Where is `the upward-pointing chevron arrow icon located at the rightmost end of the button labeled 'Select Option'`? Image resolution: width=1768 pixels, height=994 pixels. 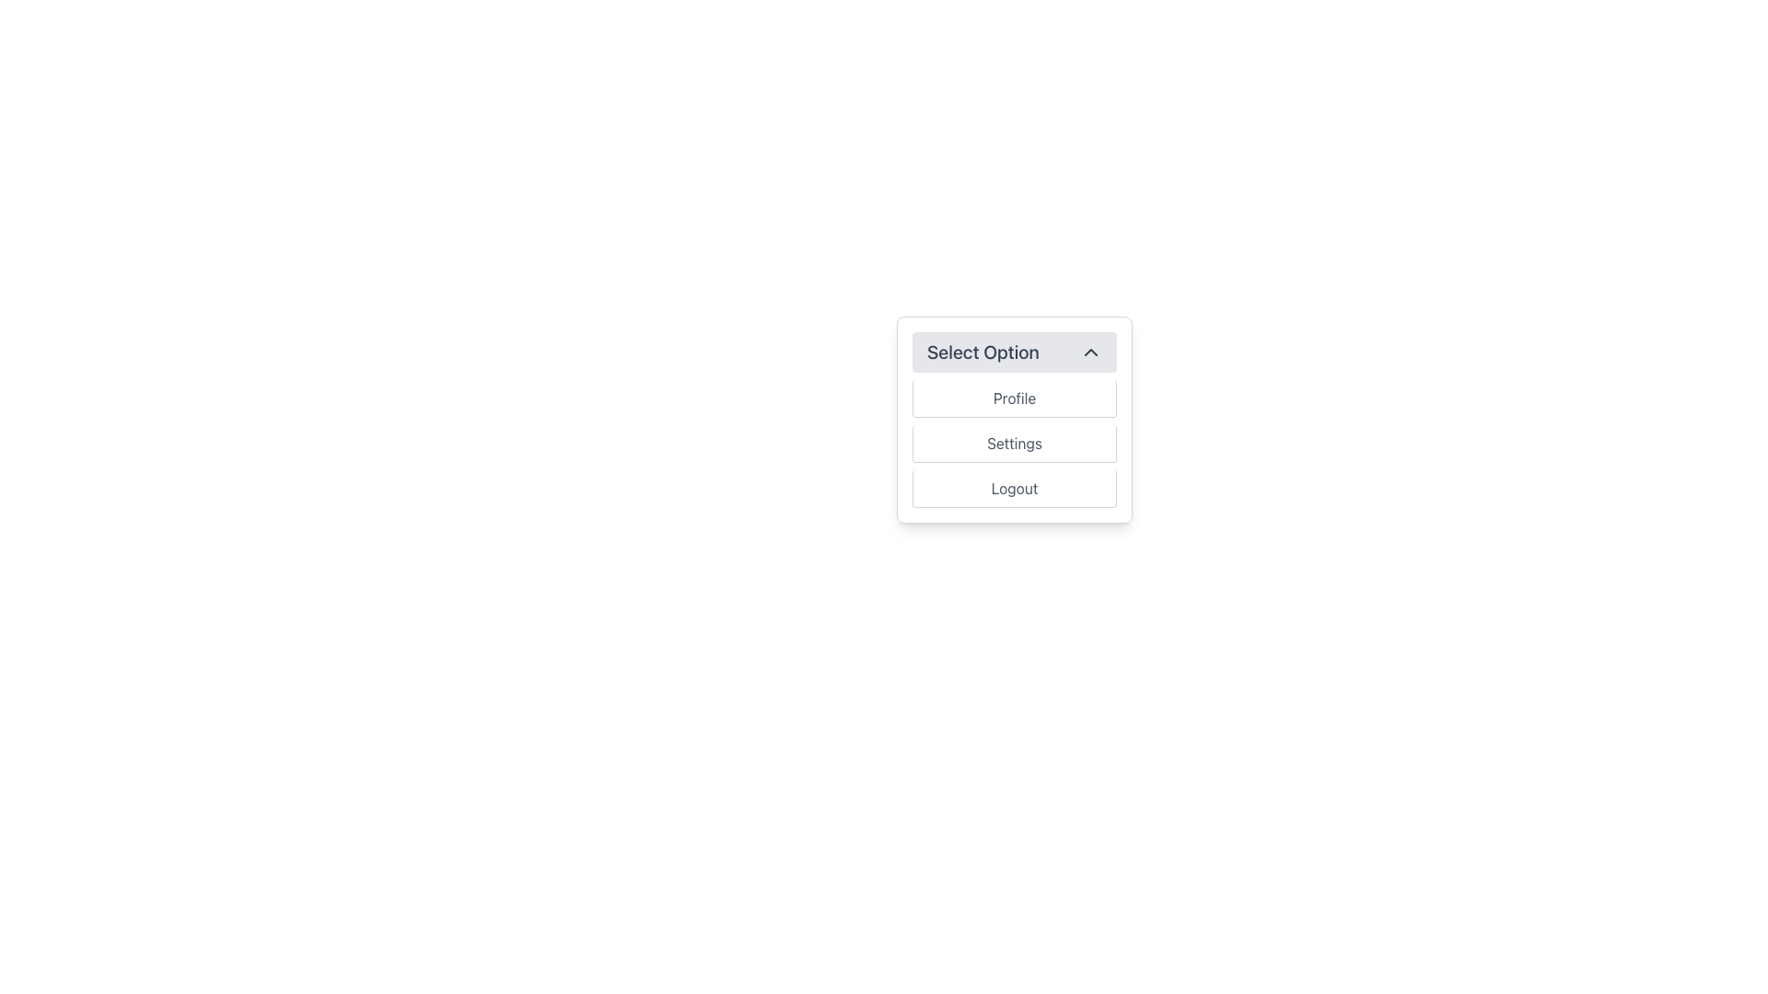
the upward-pointing chevron arrow icon located at the rightmost end of the button labeled 'Select Option' is located at coordinates (1091, 352).